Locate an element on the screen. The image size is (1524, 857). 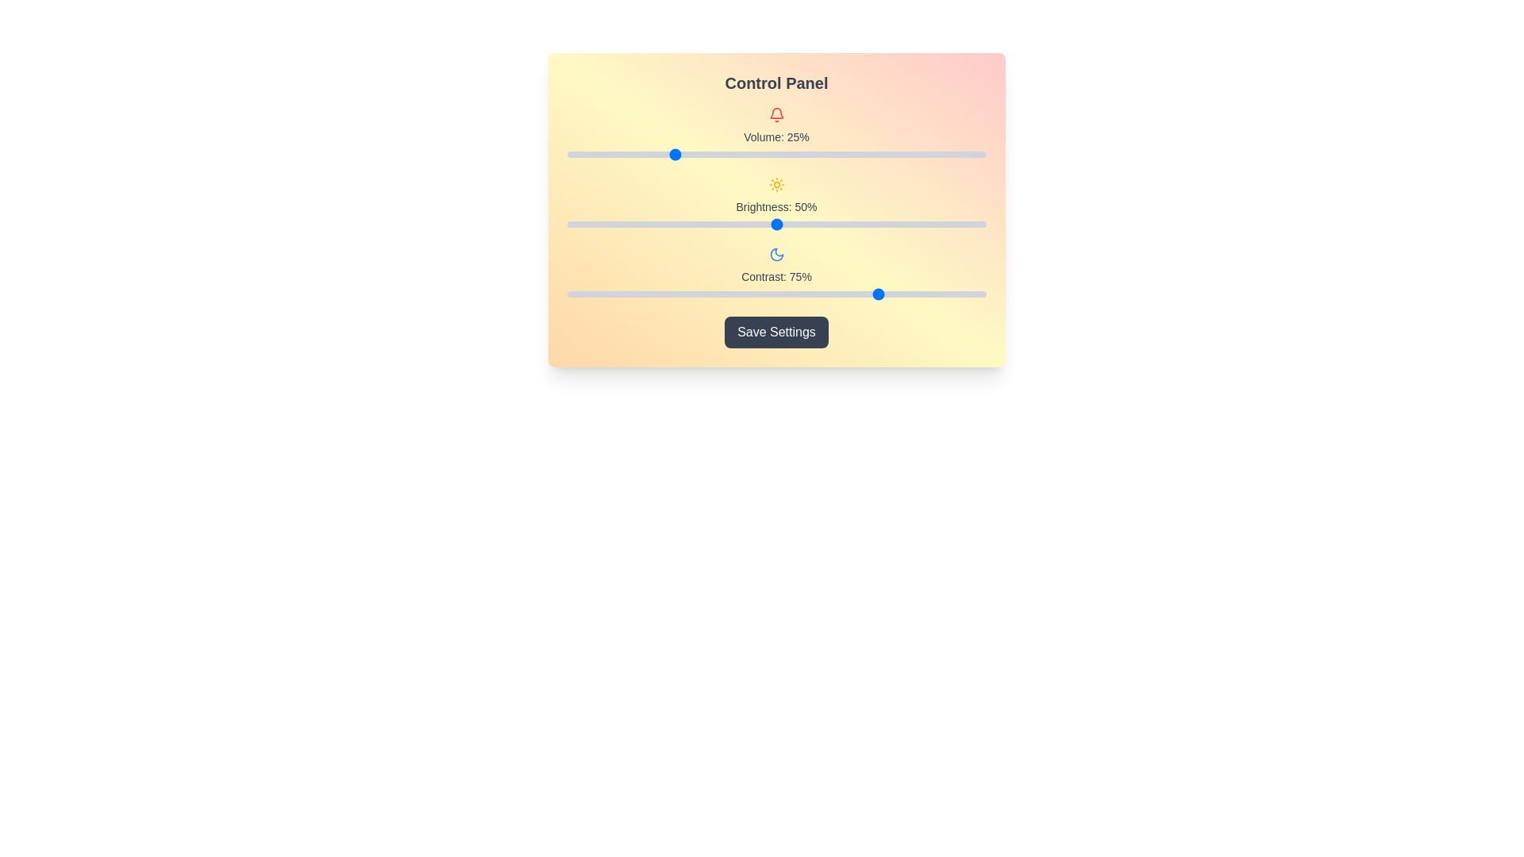
the volume is located at coordinates (949, 155).